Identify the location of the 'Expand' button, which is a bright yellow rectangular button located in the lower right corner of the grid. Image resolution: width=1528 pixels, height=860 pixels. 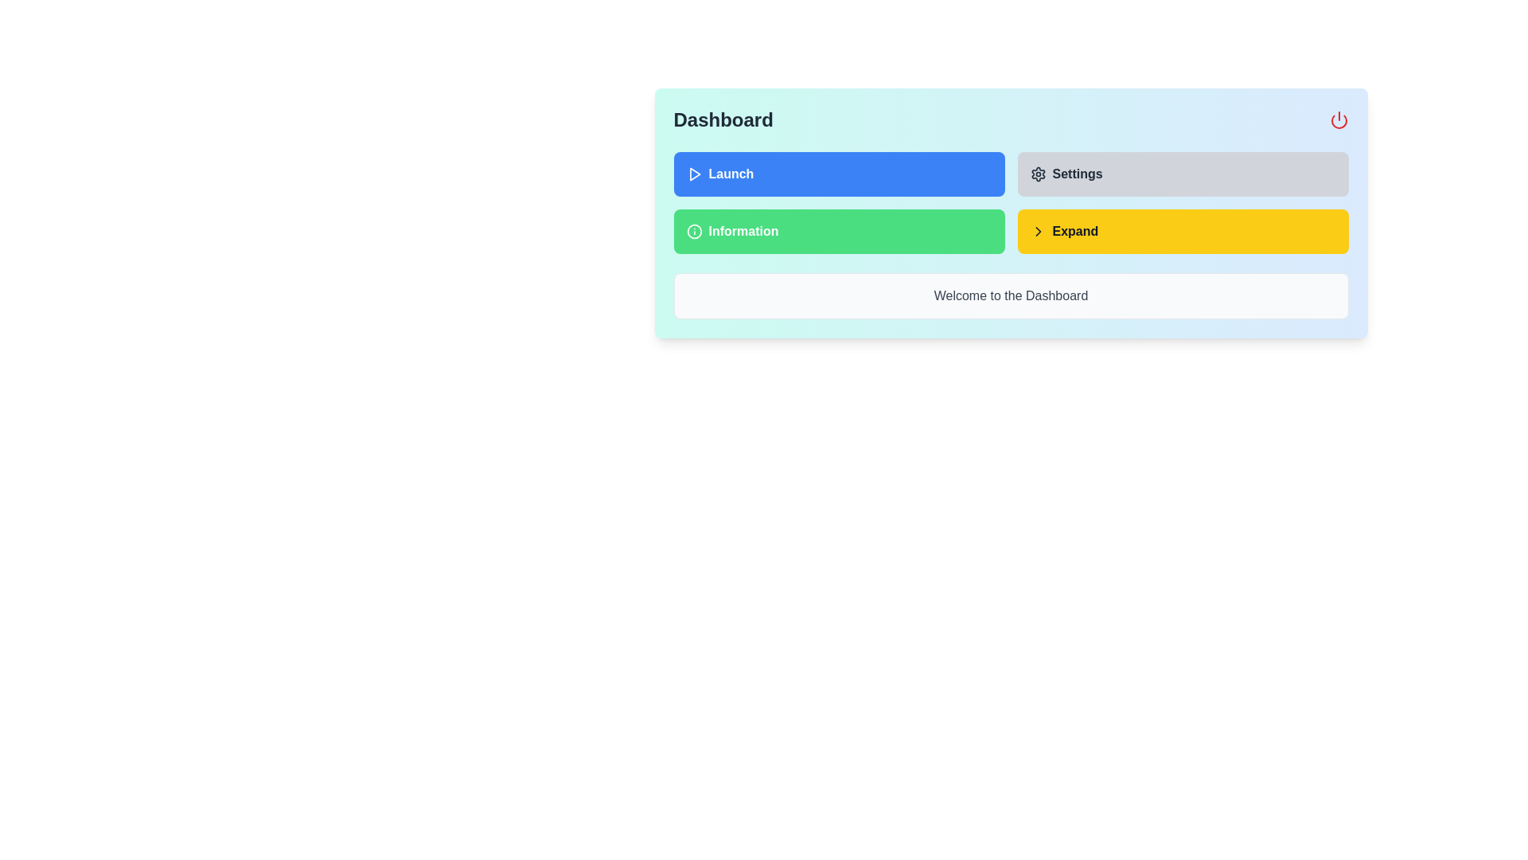
(1183, 231).